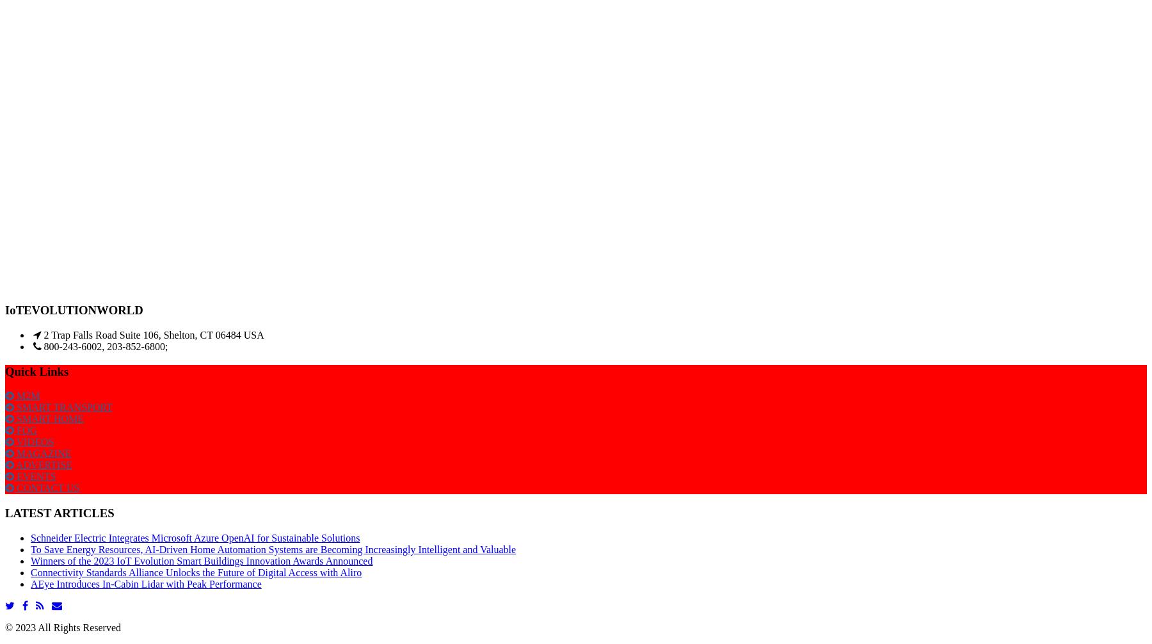  Describe the element at coordinates (59, 512) in the screenshot. I see `'LATEST ARTICLES'` at that location.